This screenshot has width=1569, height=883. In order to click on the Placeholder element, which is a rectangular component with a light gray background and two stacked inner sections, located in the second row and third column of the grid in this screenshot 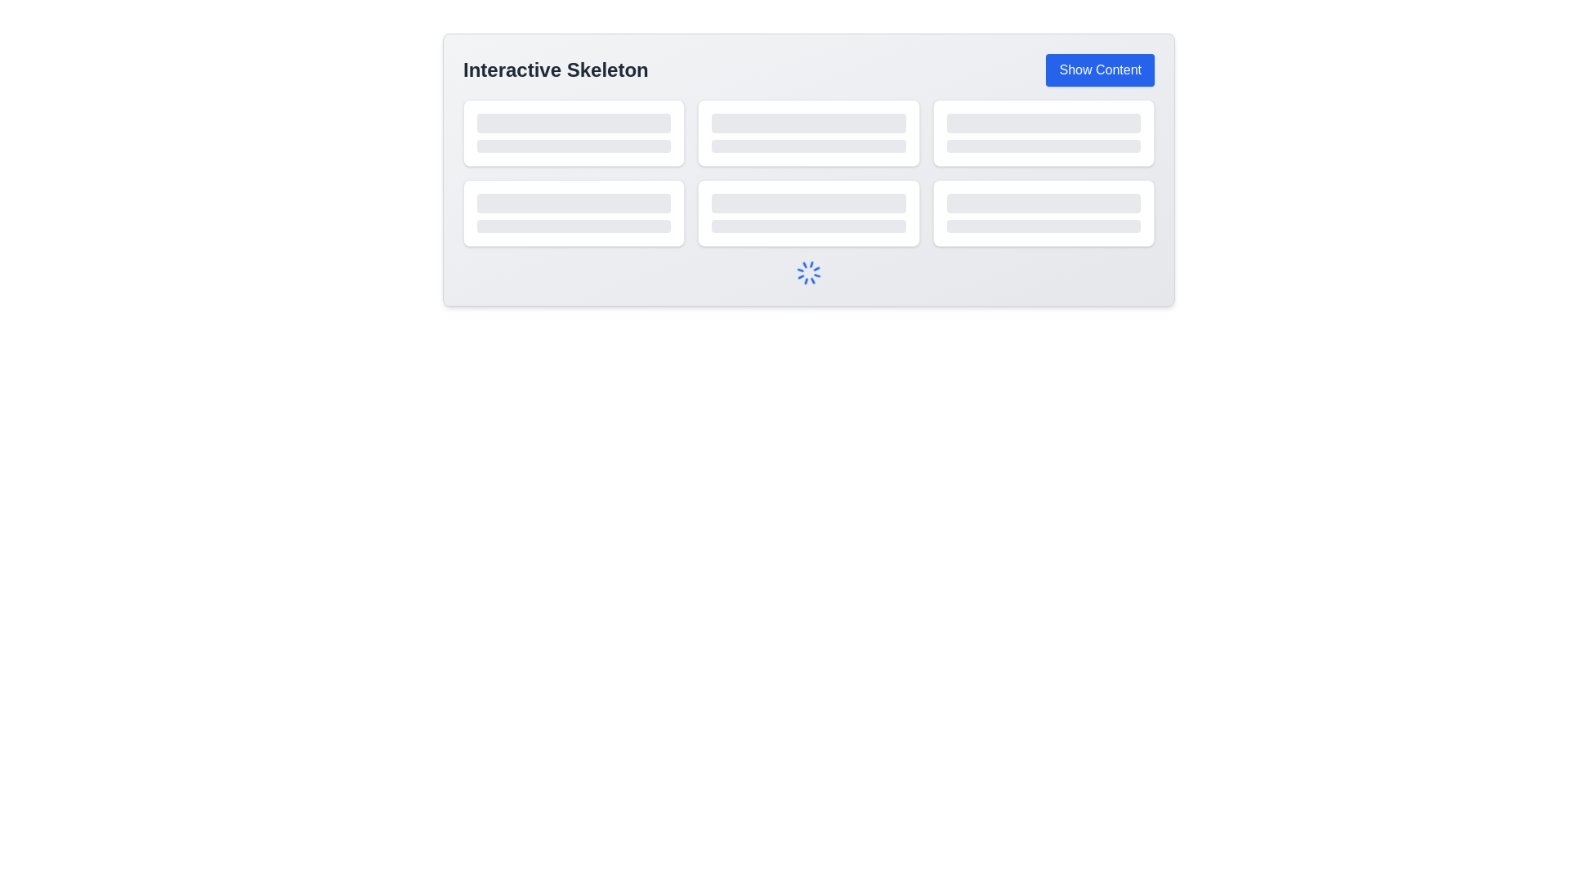, I will do `click(808, 213)`.